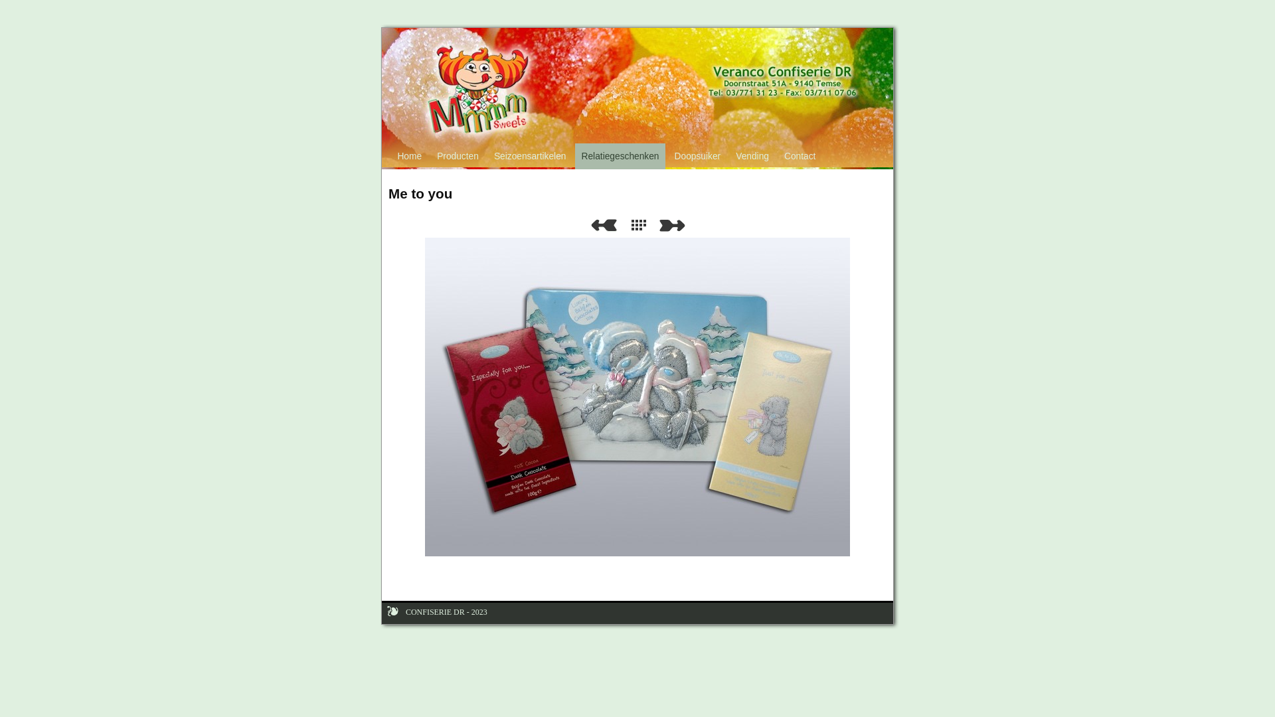  What do you see at coordinates (752, 155) in the screenshot?
I see `'Vending'` at bounding box center [752, 155].